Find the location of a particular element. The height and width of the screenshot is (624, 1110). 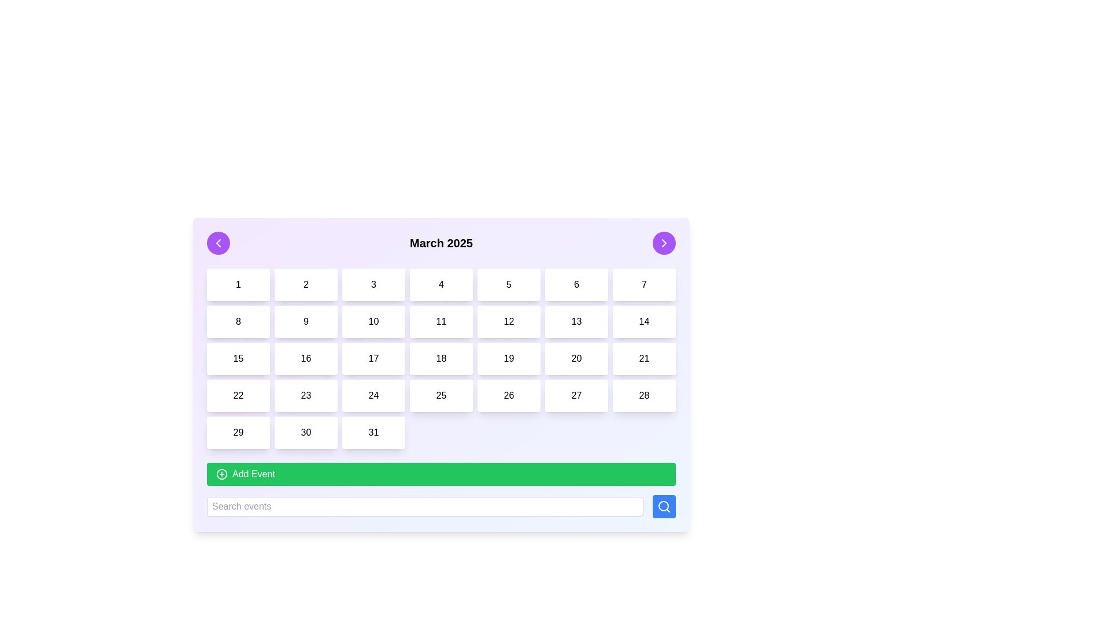

the static content block representing the 25th day of March 2025 in the calendar view, located in the fourth row and fourth column of the grid is located at coordinates (441, 395).